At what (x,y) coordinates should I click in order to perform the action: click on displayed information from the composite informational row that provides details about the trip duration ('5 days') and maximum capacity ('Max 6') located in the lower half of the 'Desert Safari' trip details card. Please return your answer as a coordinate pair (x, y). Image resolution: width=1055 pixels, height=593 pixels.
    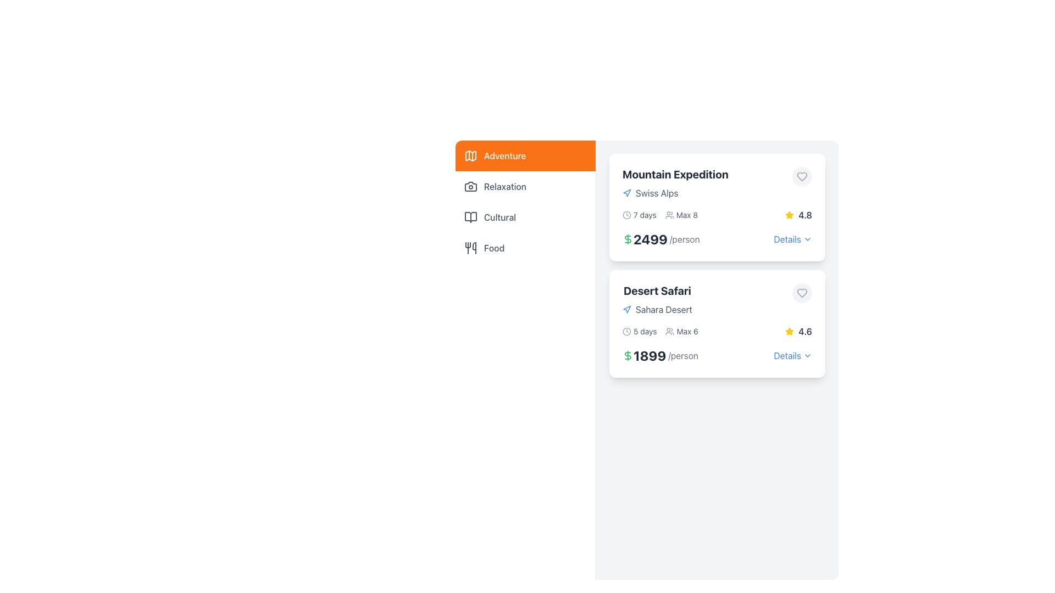
    Looking at the image, I should click on (659, 331).